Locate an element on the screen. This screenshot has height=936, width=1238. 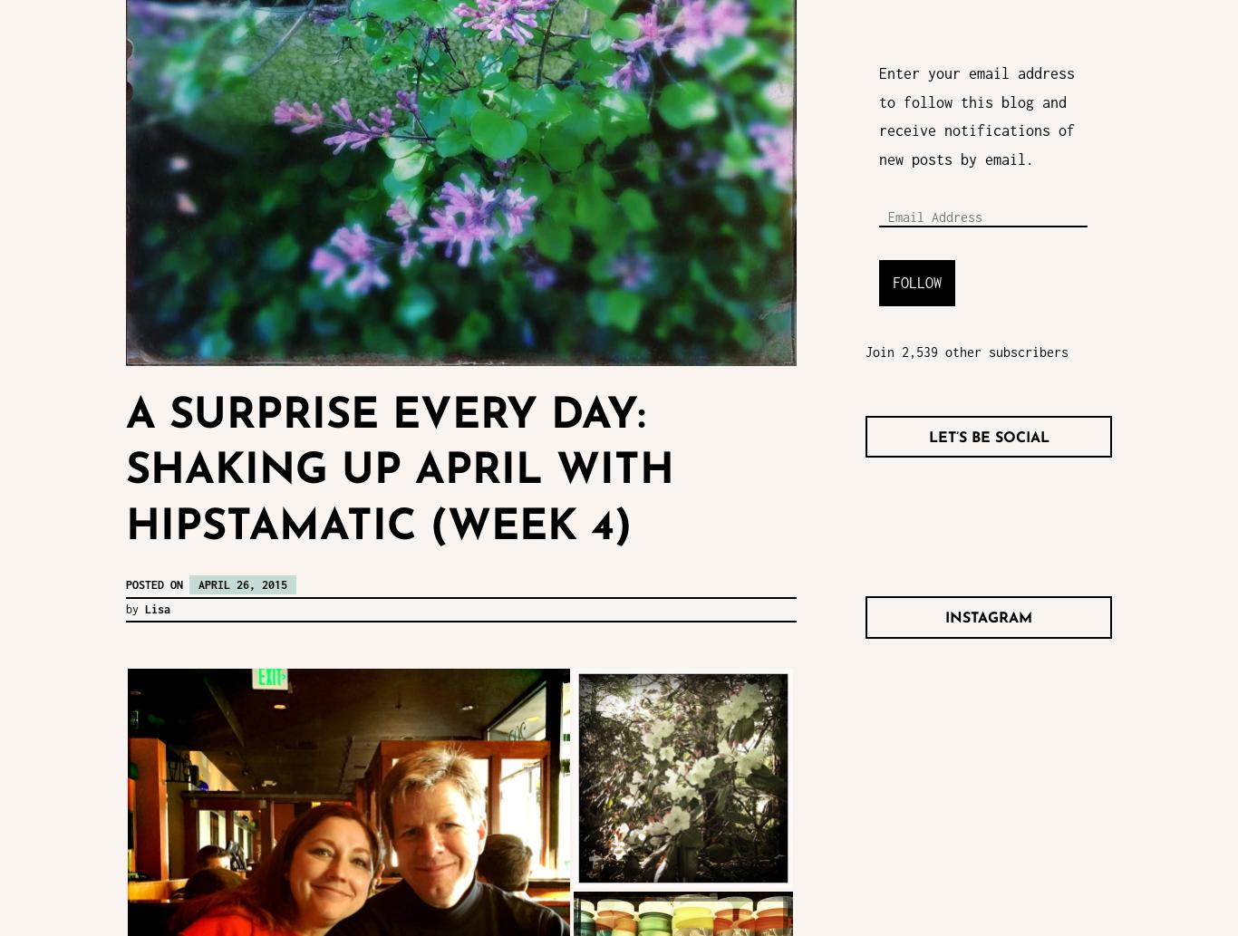
'Join 2,539 other subscribers' is located at coordinates (965, 351).